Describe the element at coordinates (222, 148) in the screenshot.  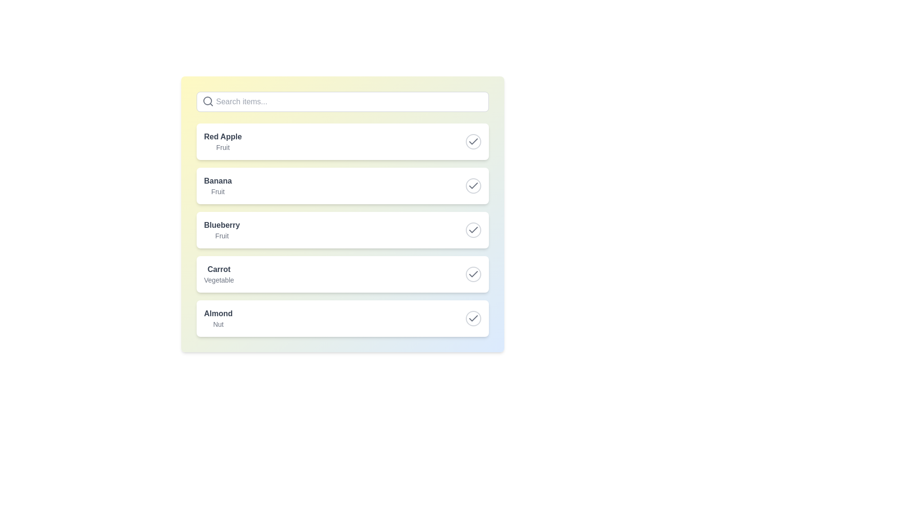
I see `'Fruit' label, which is a small text element in gray color positioned below the 'Red Apple' title in the first entry of the vertical list` at that location.